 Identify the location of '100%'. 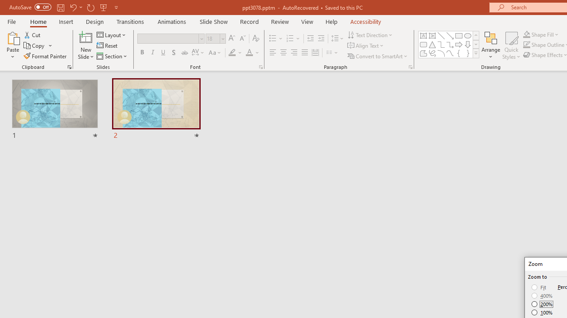
(542, 312).